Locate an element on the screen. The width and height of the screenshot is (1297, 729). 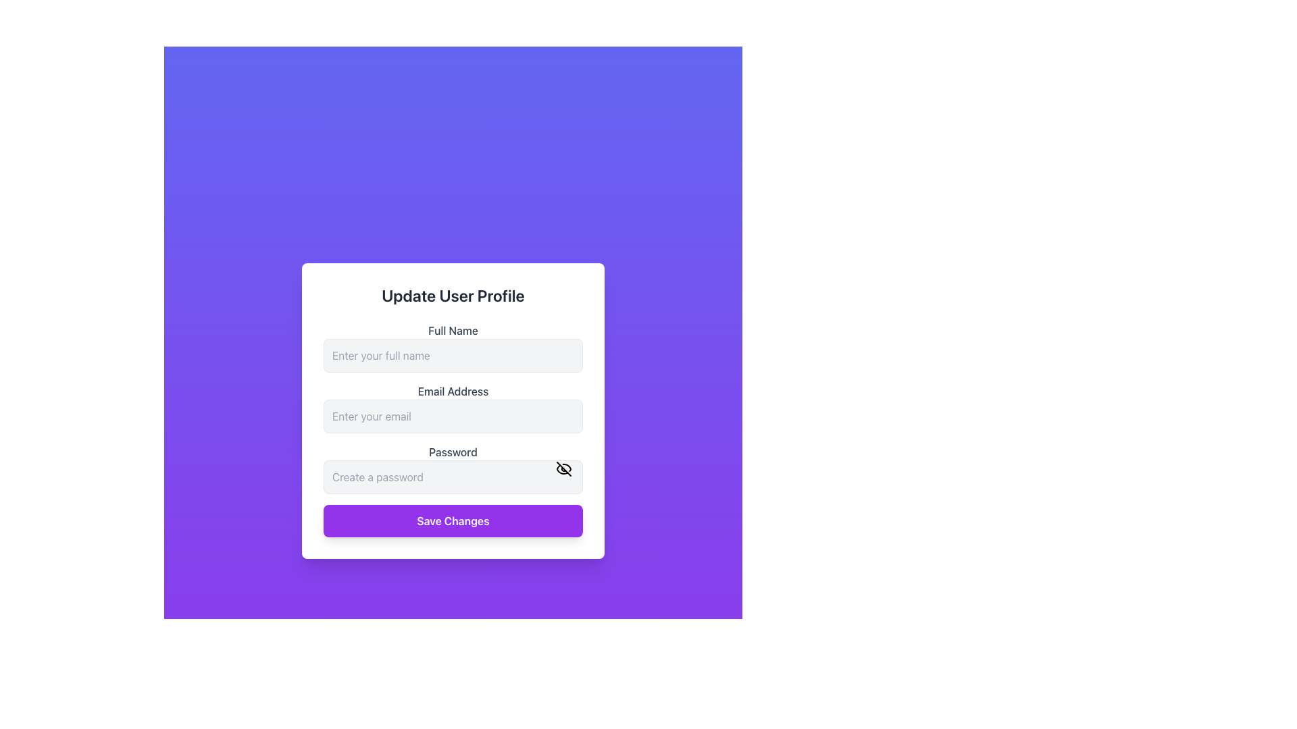
the 'eye' icon button for hiding password functionality located at the right end of the password input field is located at coordinates (562, 468).